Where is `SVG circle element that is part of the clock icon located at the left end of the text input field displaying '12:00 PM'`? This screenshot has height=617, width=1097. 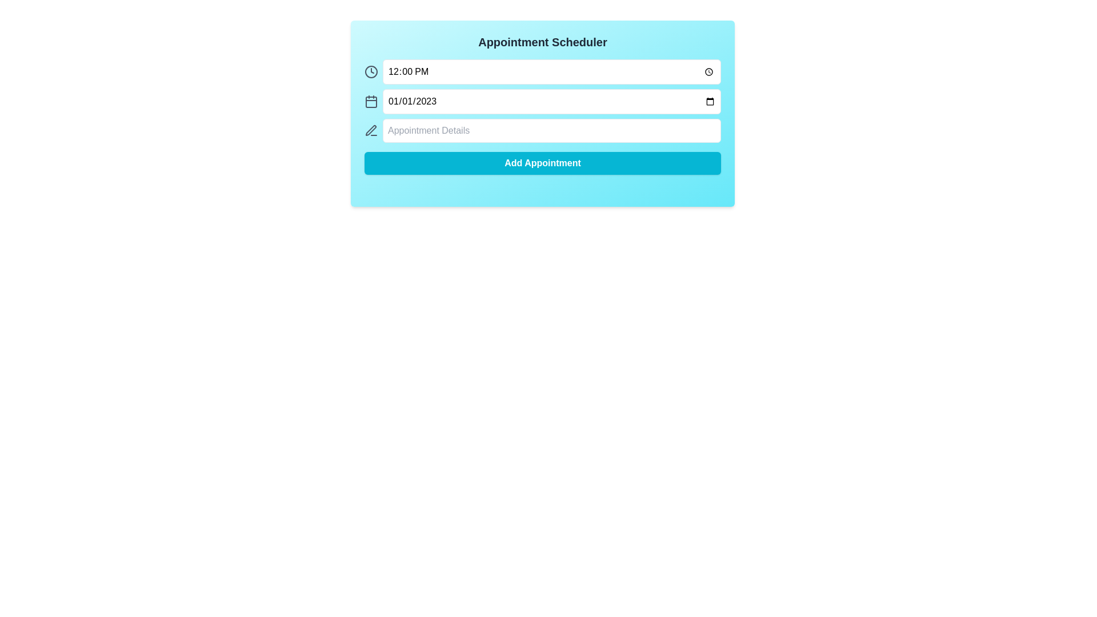 SVG circle element that is part of the clock icon located at the left end of the text input field displaying '12:00 PM' is located at coordinates (371, 72).